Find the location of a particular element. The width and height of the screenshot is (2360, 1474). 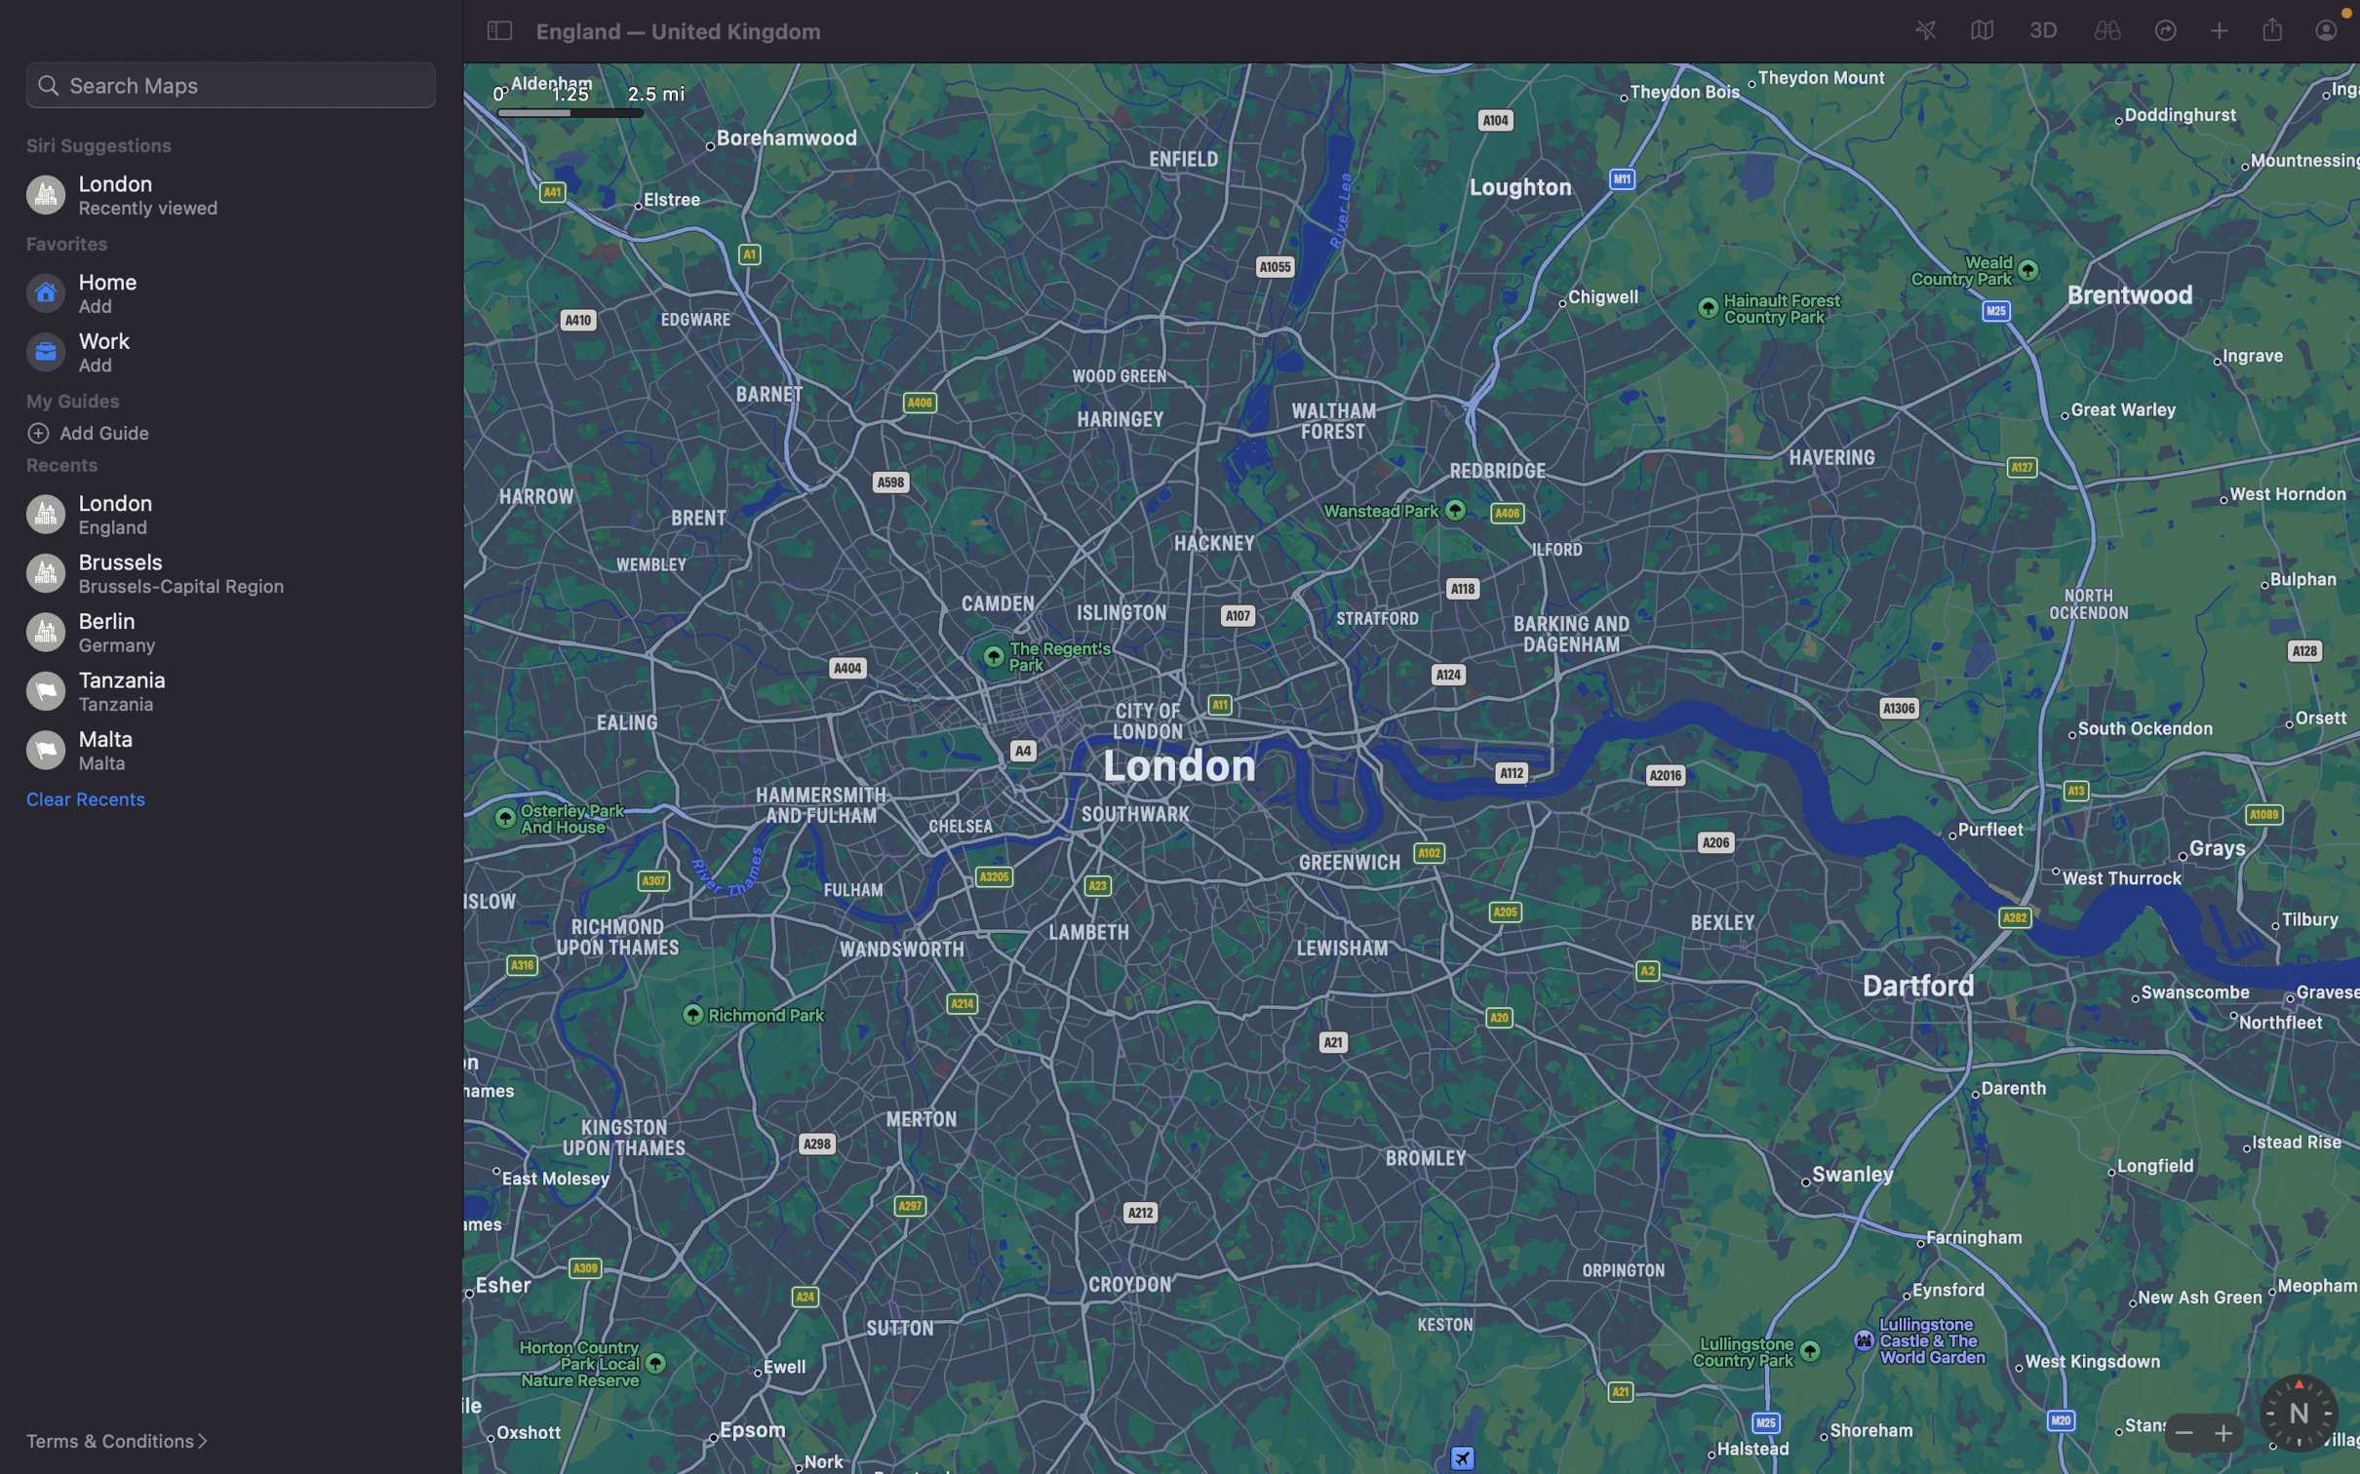

Mark your current geographical position on the map is located at coordinates (1926, 31).